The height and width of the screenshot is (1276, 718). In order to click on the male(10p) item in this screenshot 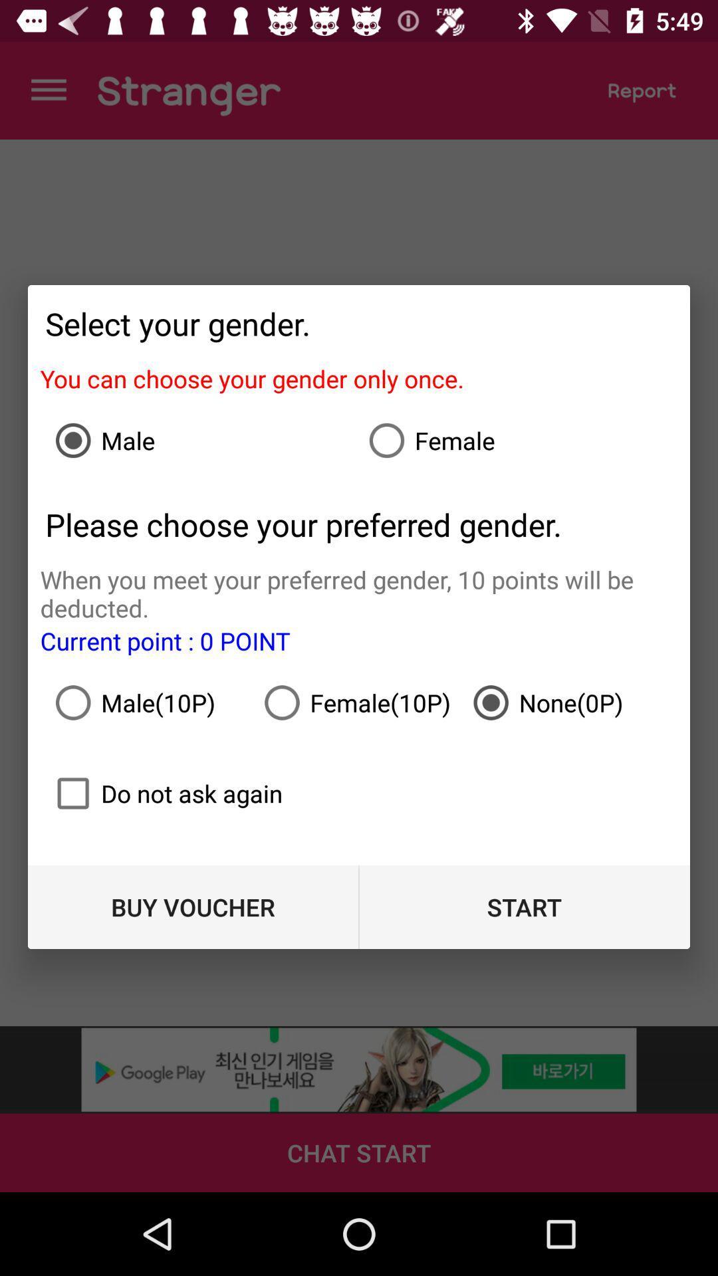, I will do `click(150, 702)`.